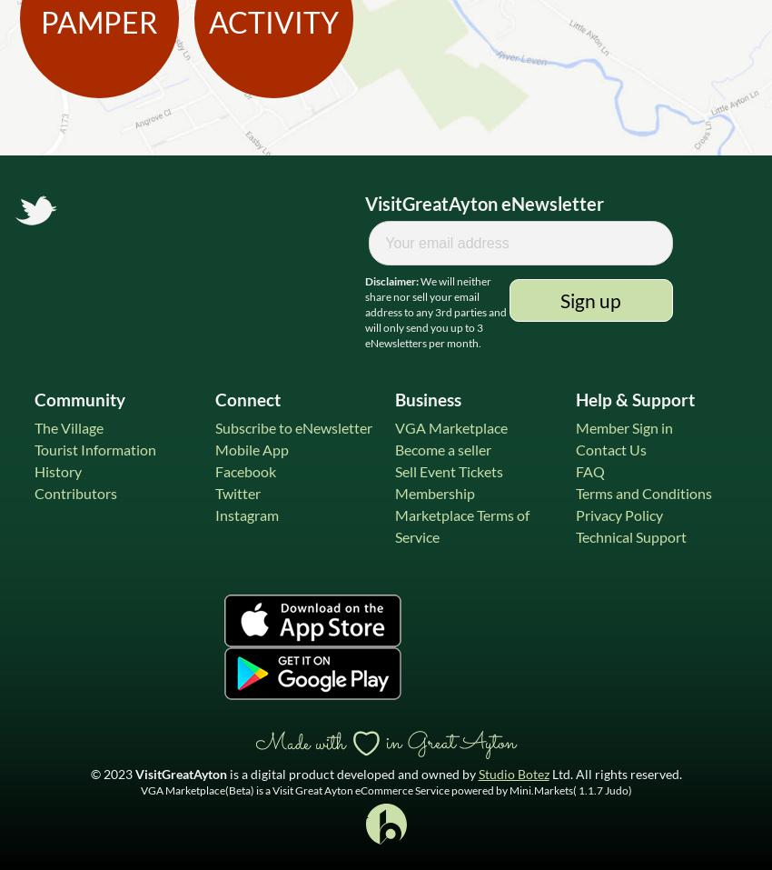  I want to click on 'We will neither share nor sell your email address to any 3rd parties and will only send you up to 3 eNewsletters per month.', so click(364, 311).